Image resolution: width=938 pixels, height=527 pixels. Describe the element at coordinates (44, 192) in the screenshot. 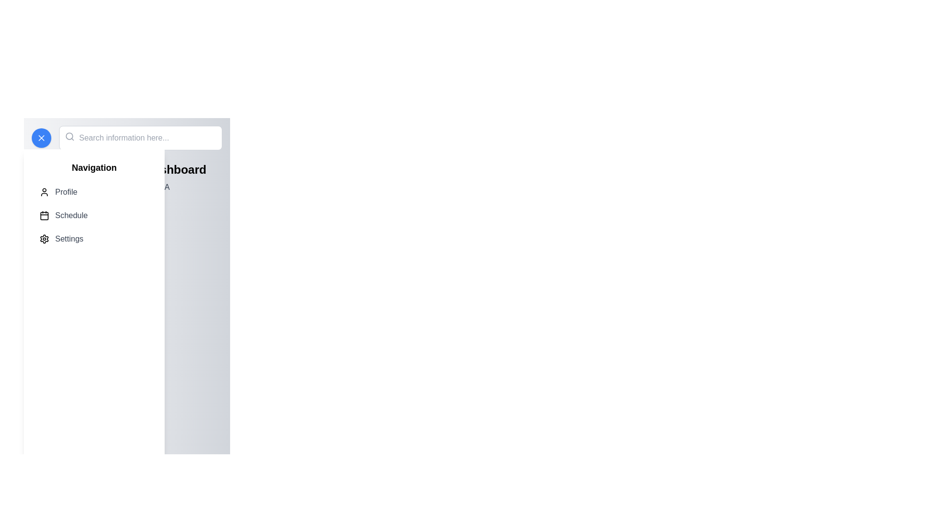

I see `the 'Profile' icon located on the left-hand sidebar, which serves as a visual indicator for user profile-related options` at that location.